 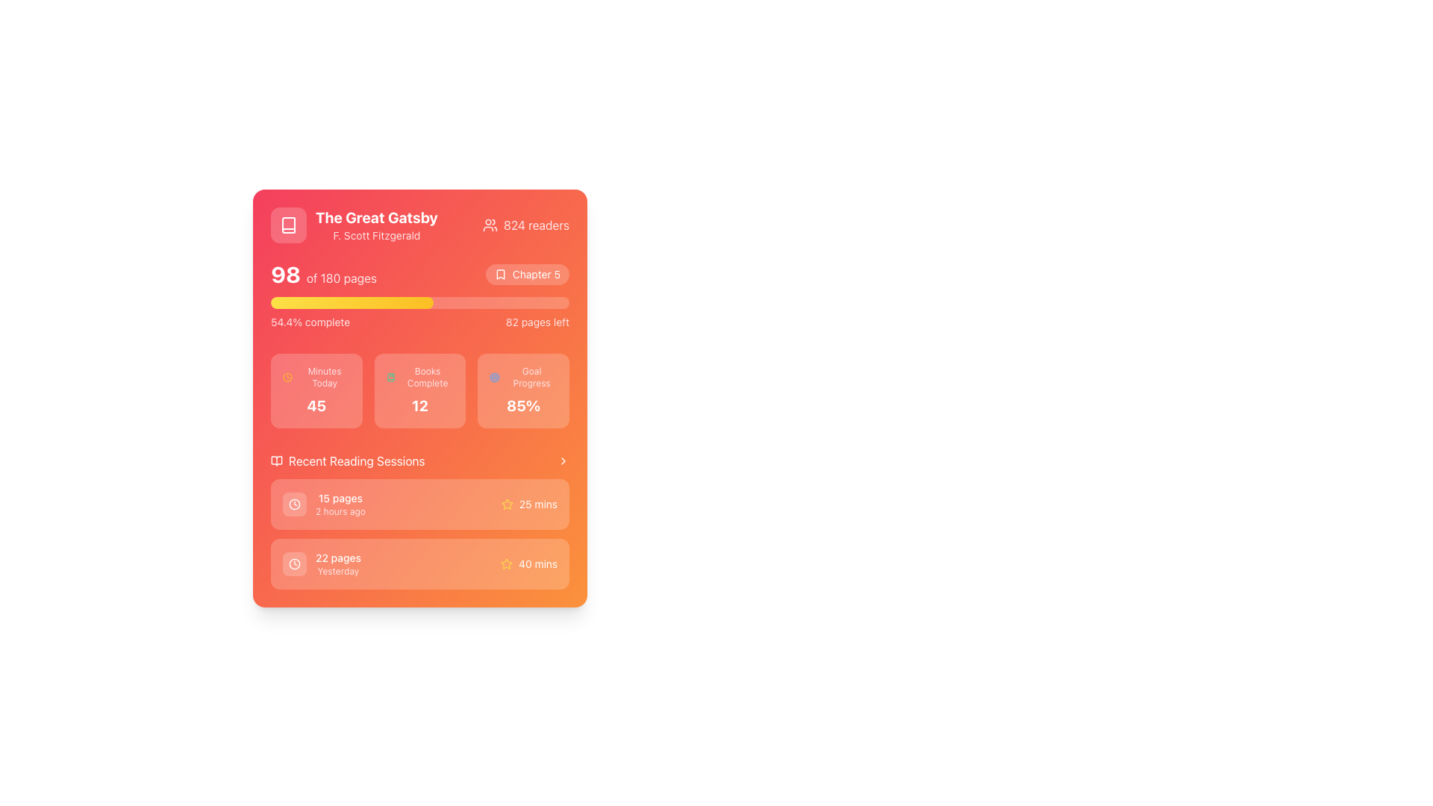 What do you see at coordinates (419, 296) in the screenshot?
I see `accompanying text for progress details from the Progress Indicator located below the '98 of 180 pages' text in the card for 'The Great Gatsby'` at bounding box center [419, 296].